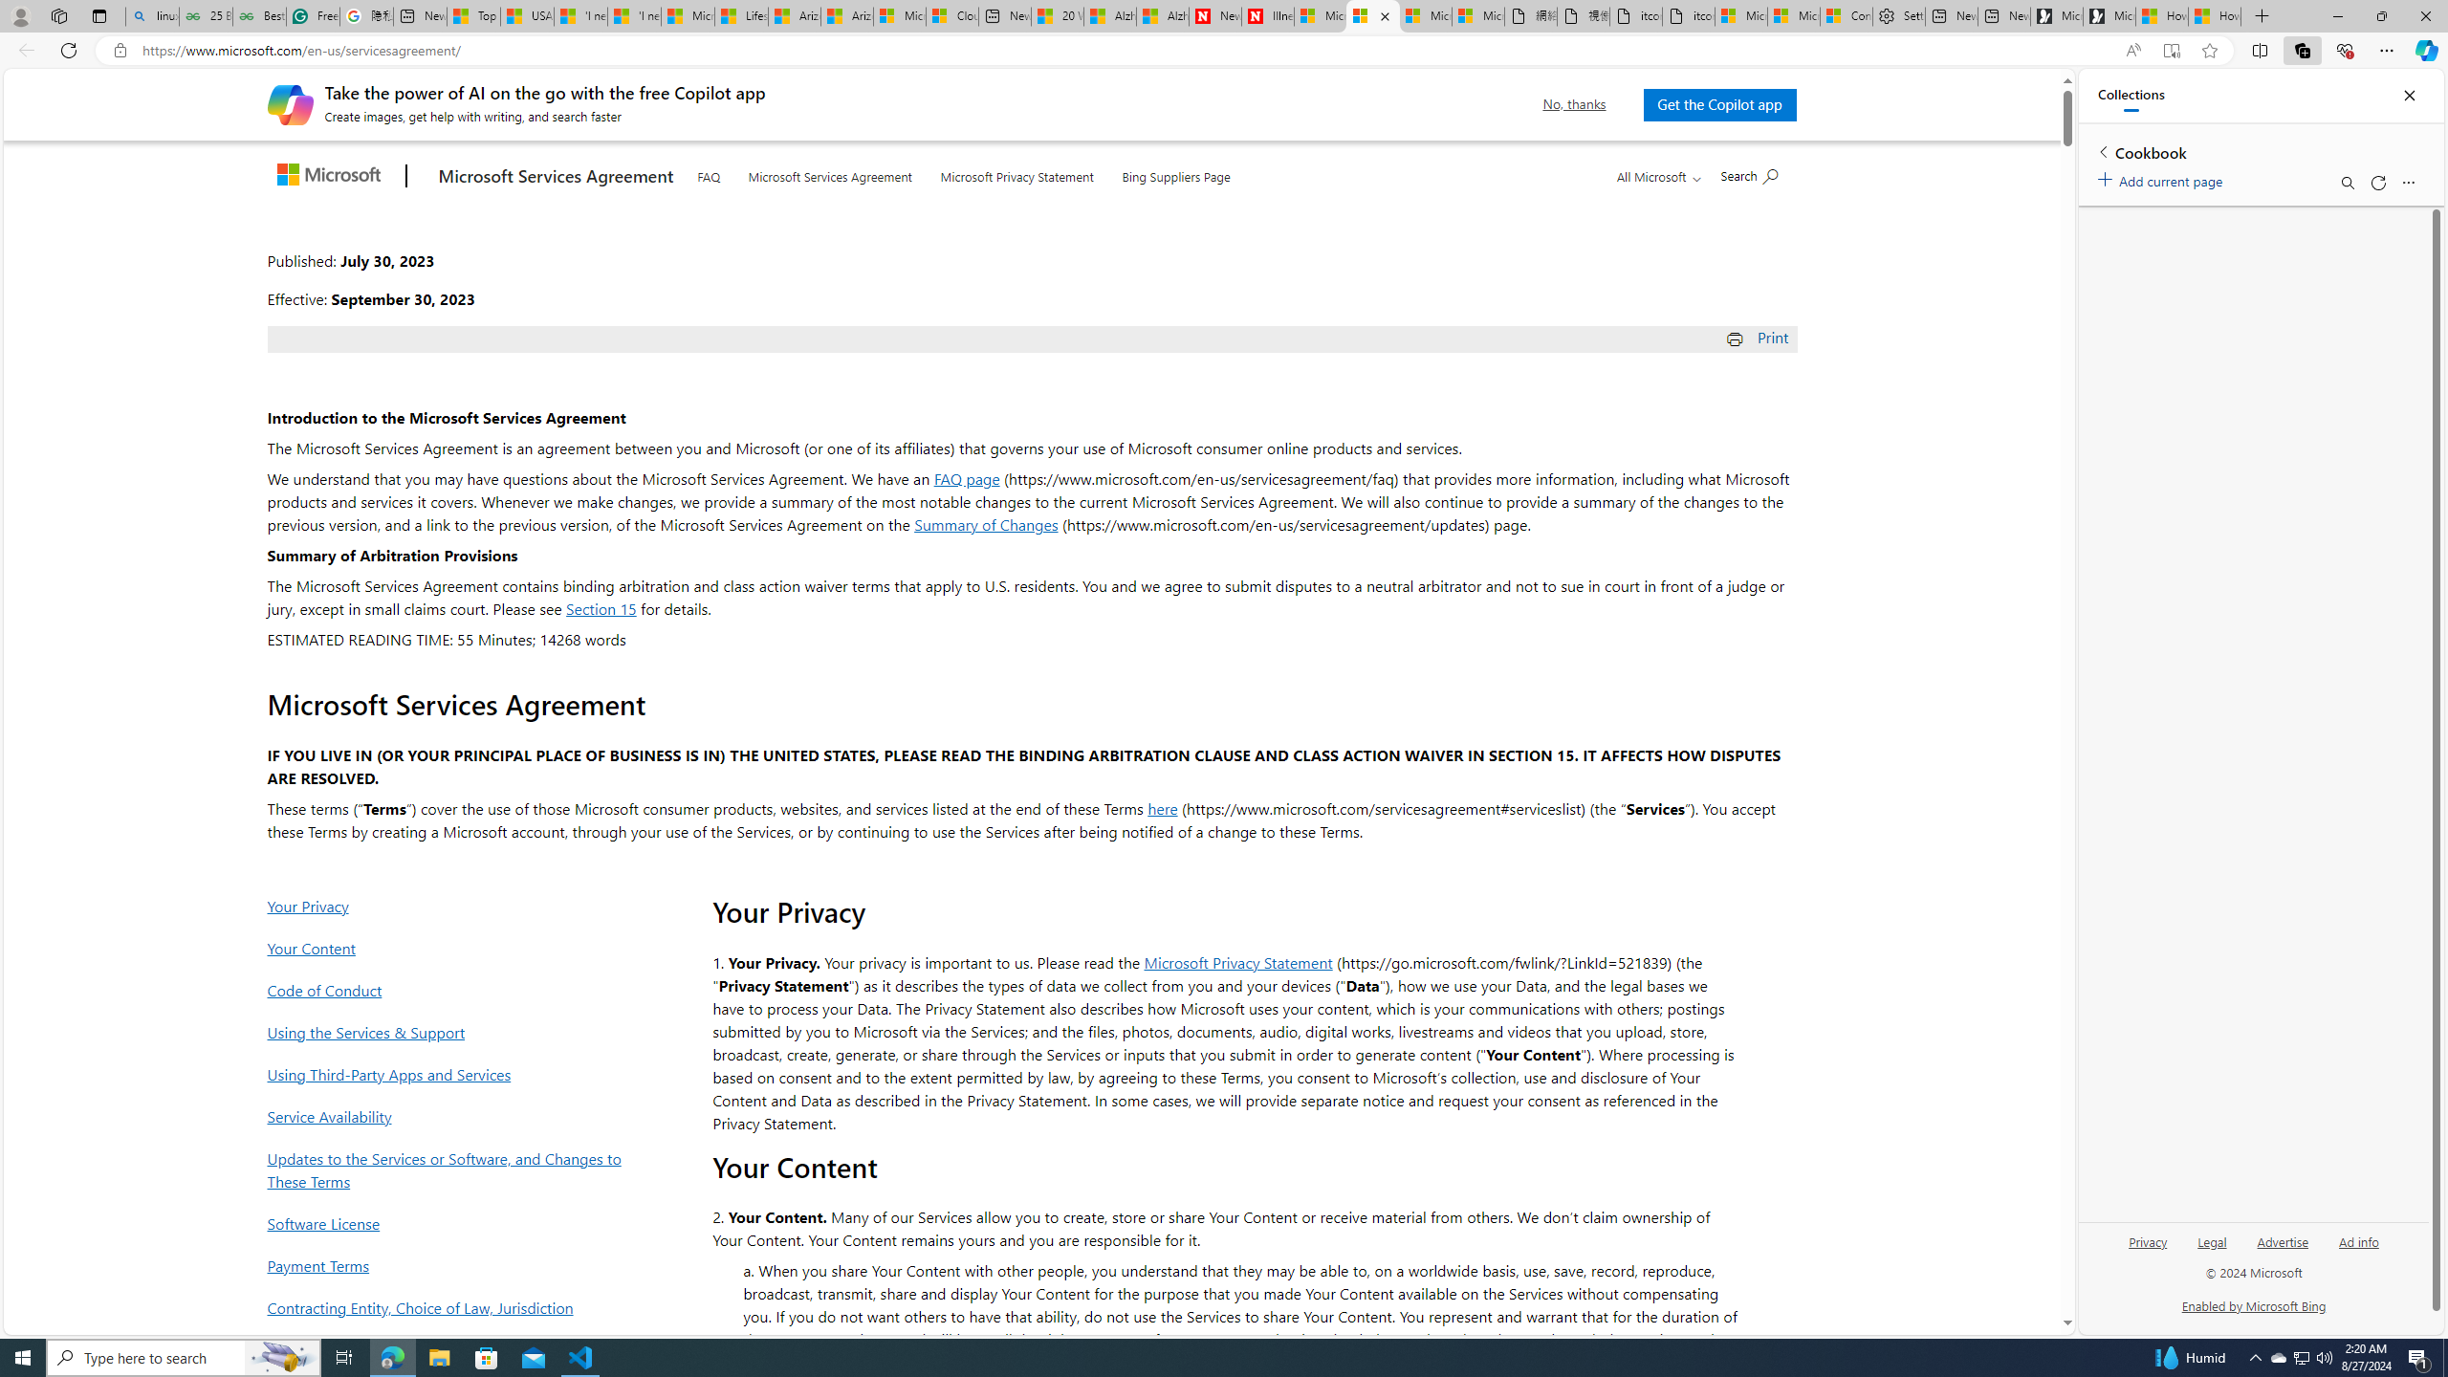 The image size is (2448, 1377). What do you see at coordinates (2213, 1241) in the screenshot?
I see `'Legal'` at bounding box center [2213, 1241].